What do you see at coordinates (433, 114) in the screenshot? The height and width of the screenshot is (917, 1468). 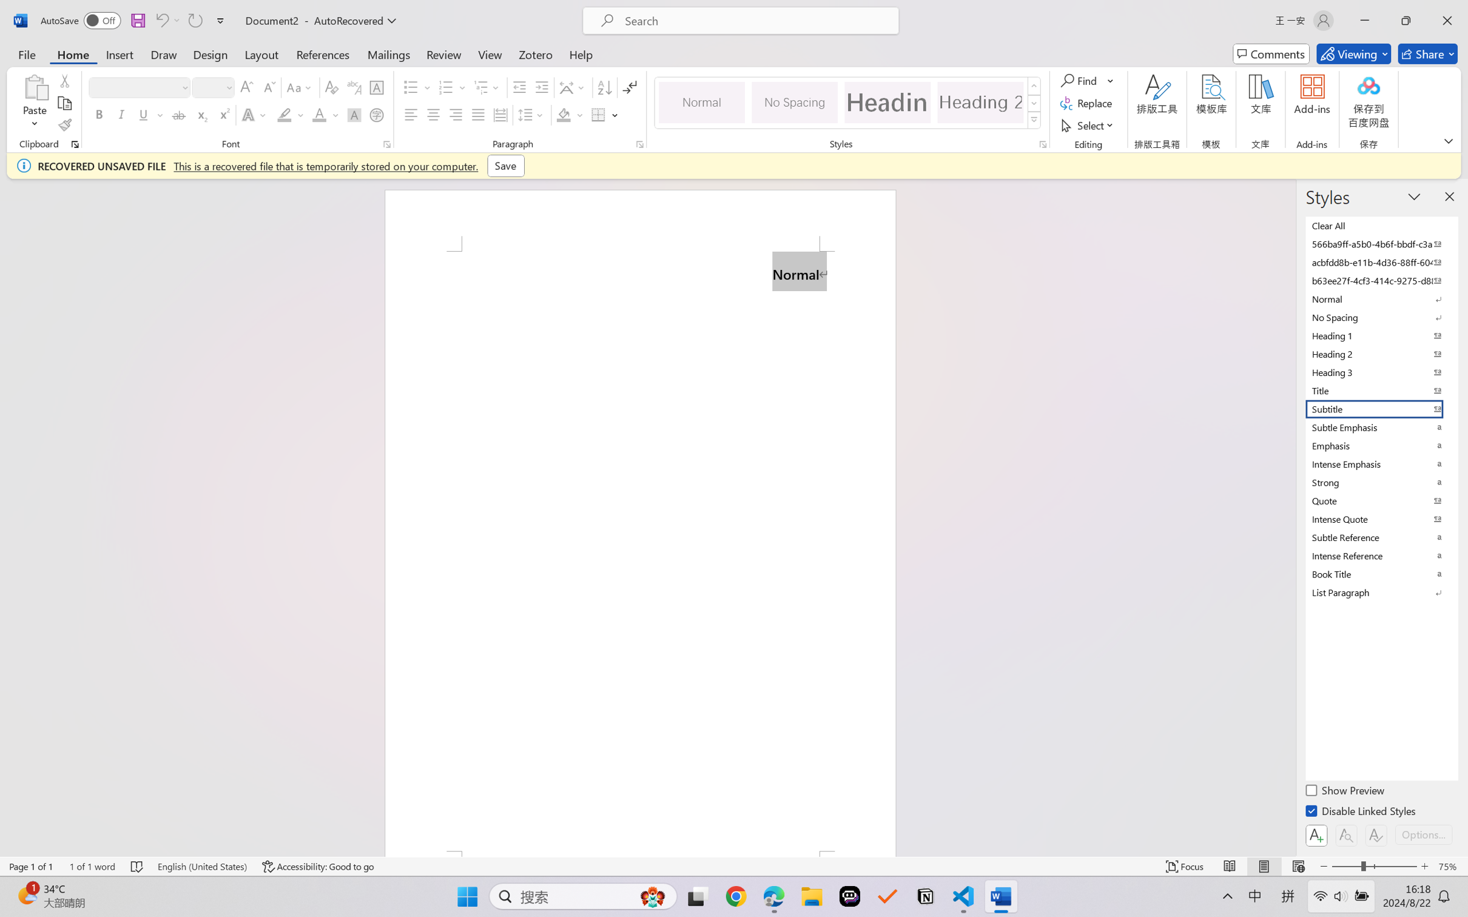 I see `'Center'` at bounding box center [433, 114].